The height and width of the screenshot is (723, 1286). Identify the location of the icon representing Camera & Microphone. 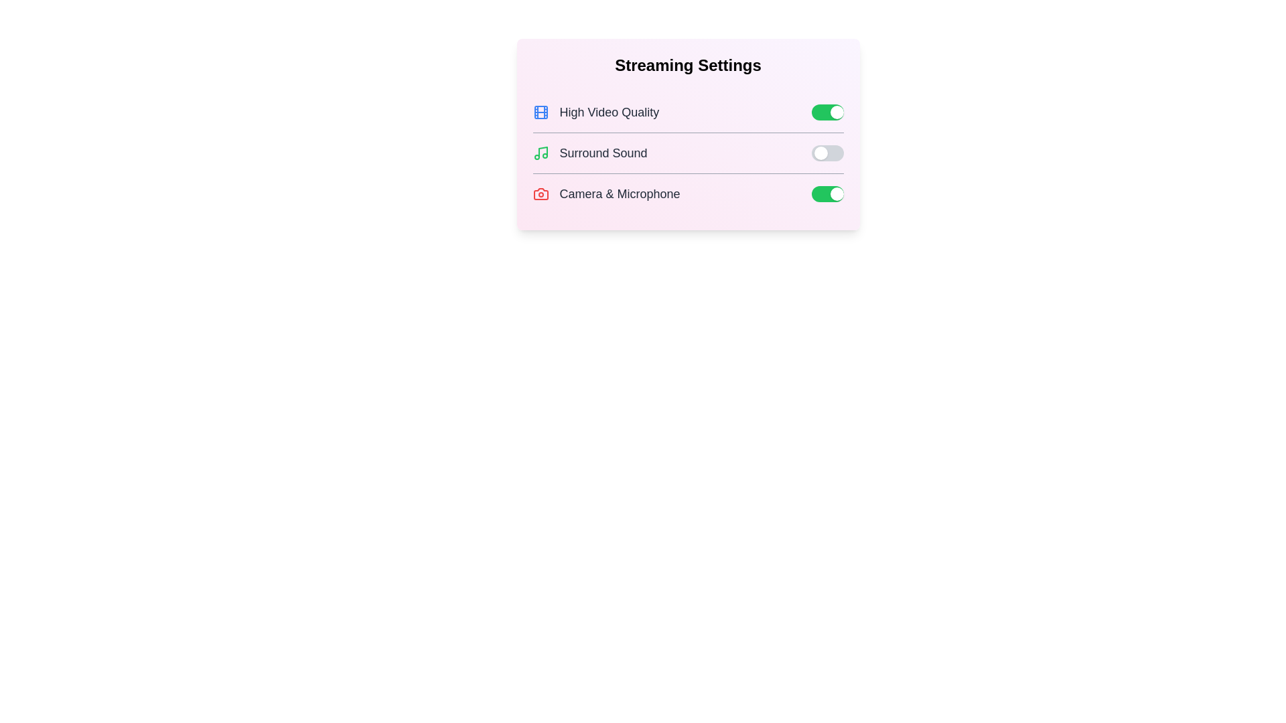
(541, 193).